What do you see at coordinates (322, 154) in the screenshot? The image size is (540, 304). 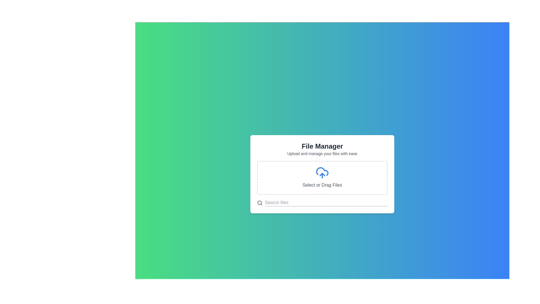 I see `the text label that says 'Upload and manage your files with ease.' which is styled in a small gray font and is positioned below the title 'File Manager.'` at bounding box center [322, 154].